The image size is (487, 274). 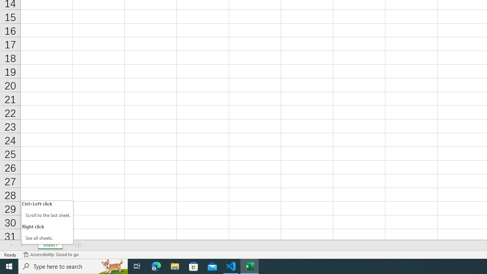 I want to click on 'Add Sheet', so click(x=79, y=245).